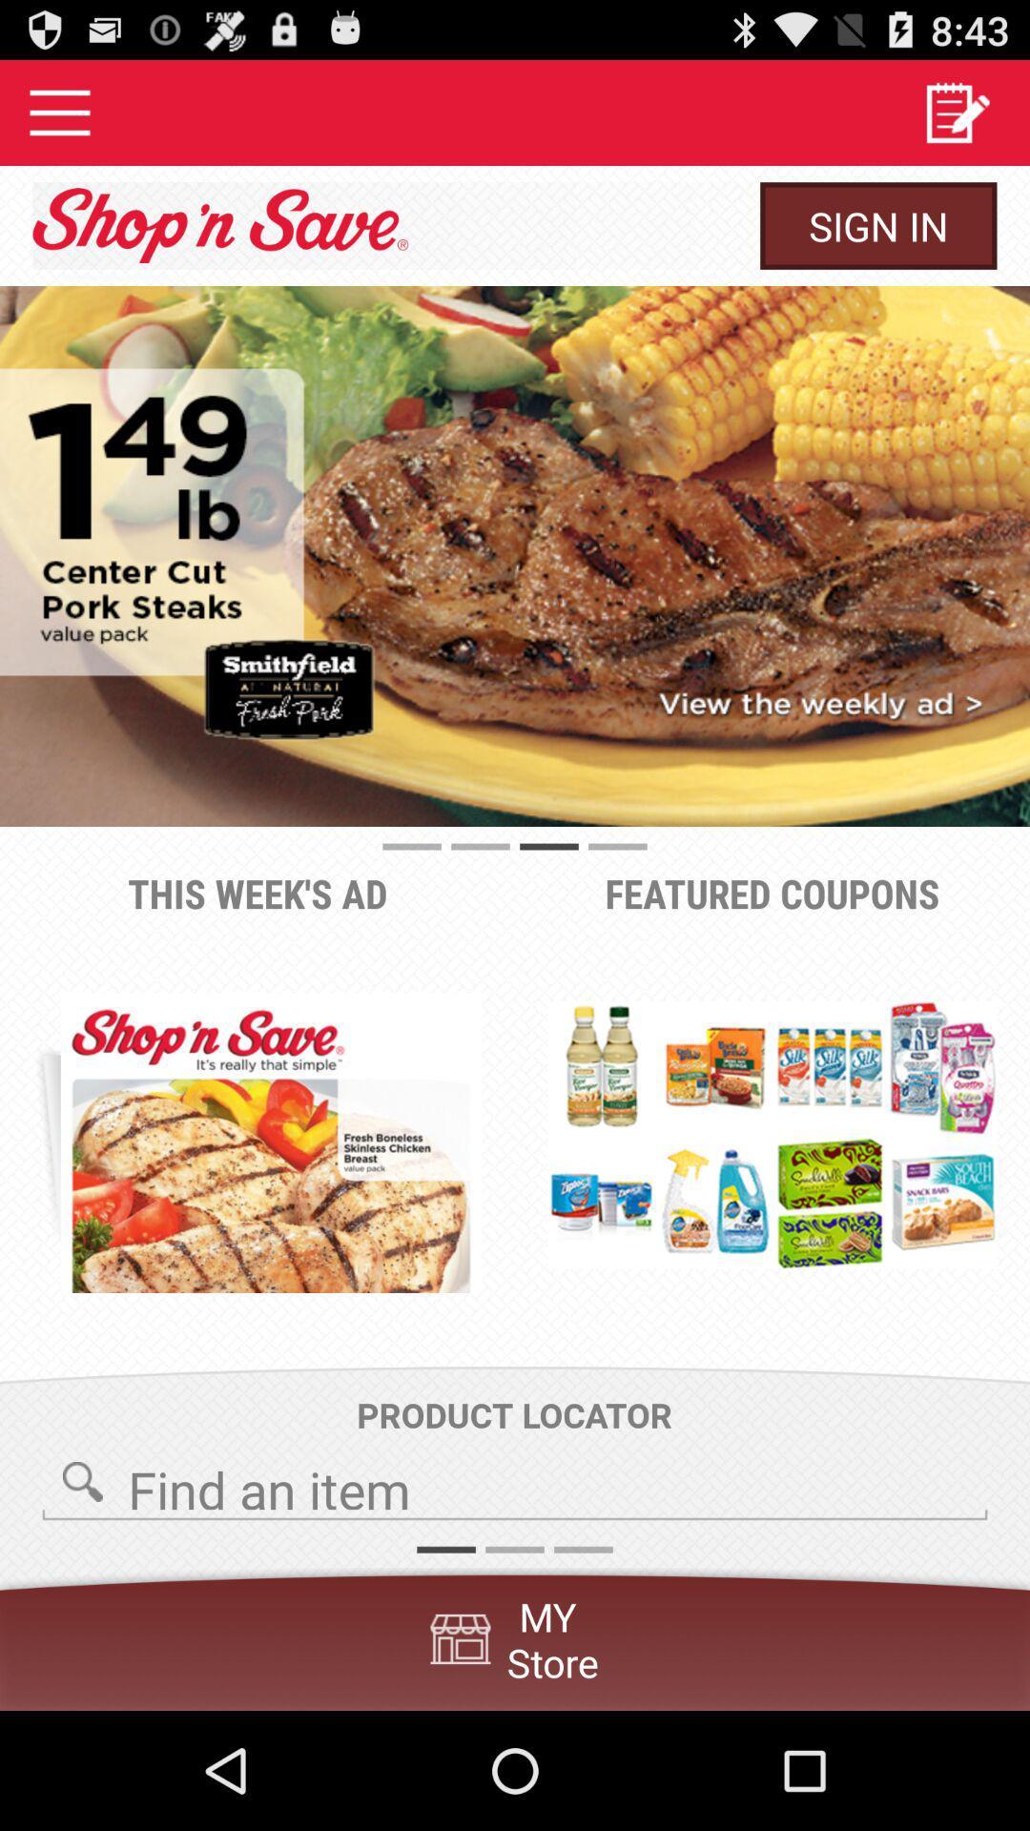 This screenshot has height=1831, width=1030. What do you see at coordinates (515, 1483) in the screenshot?
I see `icon below the product locator` at bounding box center [515, 1483].